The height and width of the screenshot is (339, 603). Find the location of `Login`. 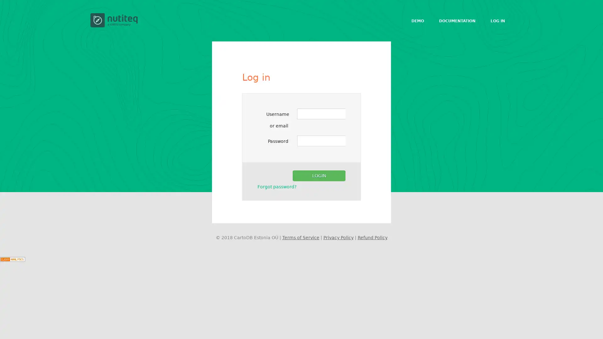

Login is located at coordinates (319, 175).